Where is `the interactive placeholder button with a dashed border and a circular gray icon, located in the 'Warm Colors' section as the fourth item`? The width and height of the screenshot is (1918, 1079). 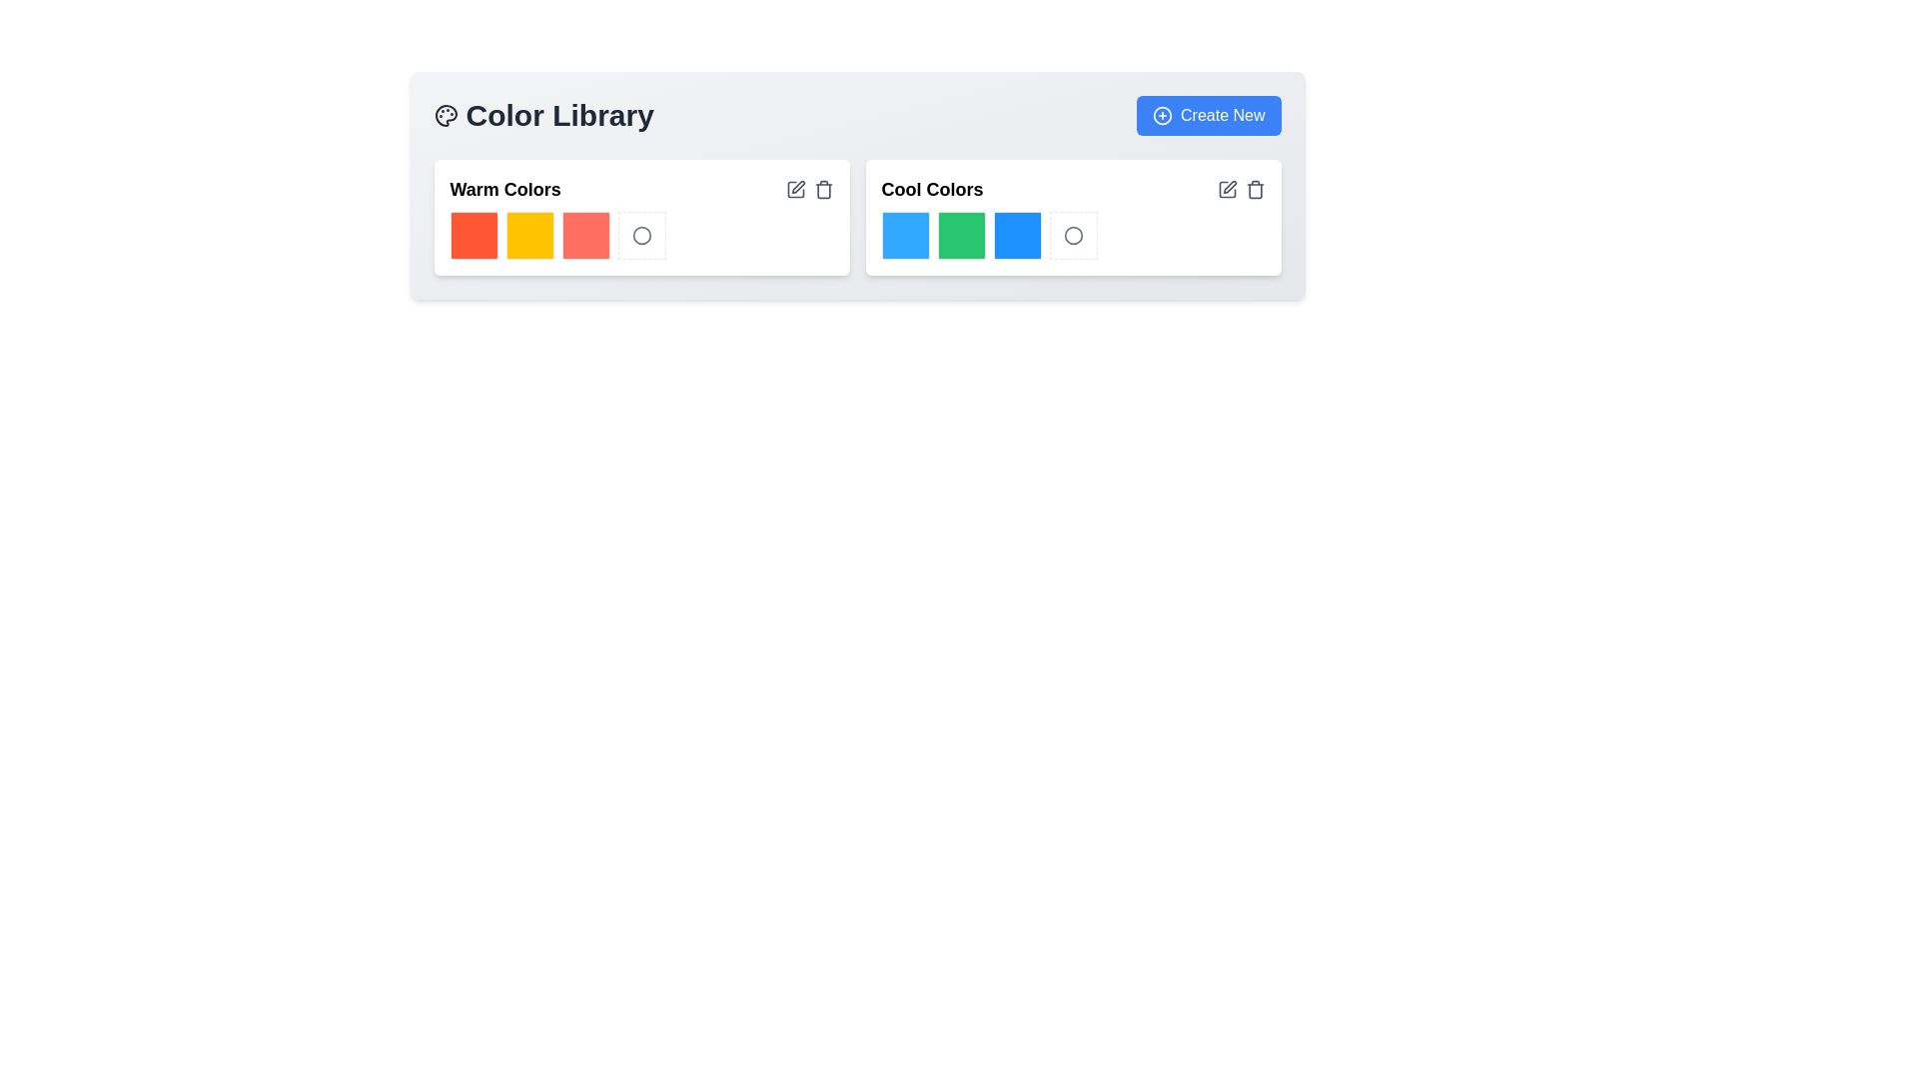 the interactive placeholder button with a dashed border and a circular gray icon, located in the 'Warm Colors' section as the fourth item is located at coordinates (641, 234).